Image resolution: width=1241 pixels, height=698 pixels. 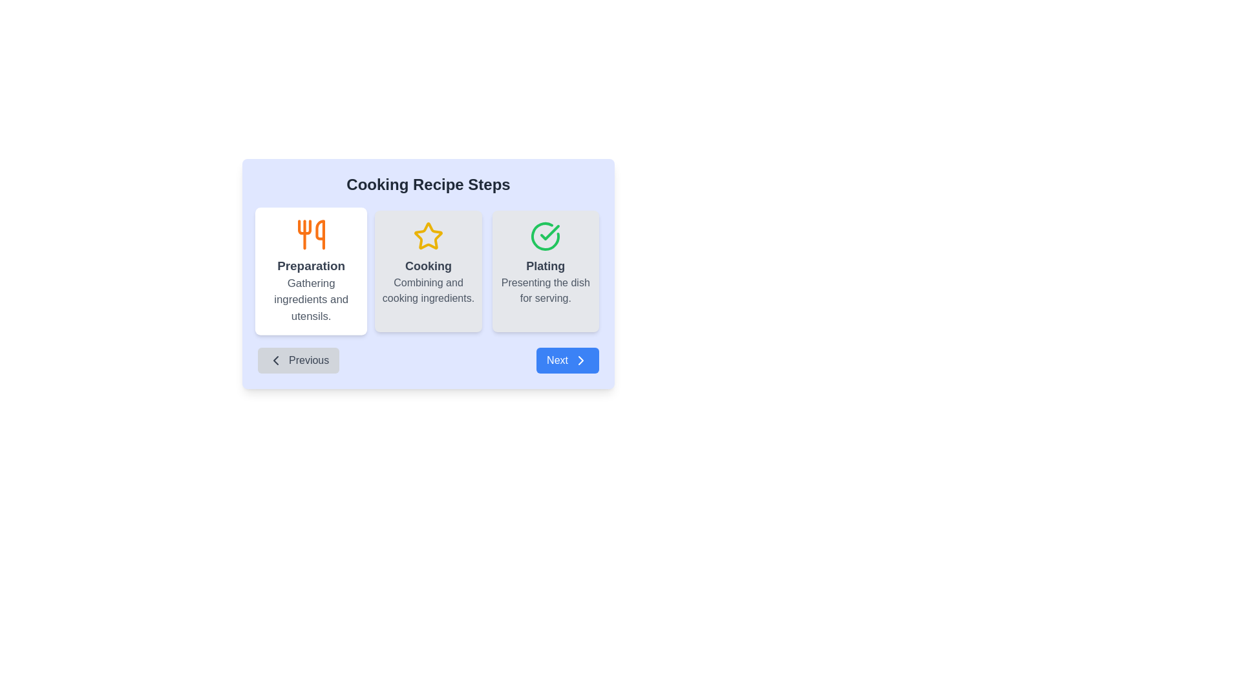 I want to click on text label 'Gathering ingredients and utensils.' located in the lower section of the 'Preparation' card, which is styled in gray font, so click(x=311, y=300).